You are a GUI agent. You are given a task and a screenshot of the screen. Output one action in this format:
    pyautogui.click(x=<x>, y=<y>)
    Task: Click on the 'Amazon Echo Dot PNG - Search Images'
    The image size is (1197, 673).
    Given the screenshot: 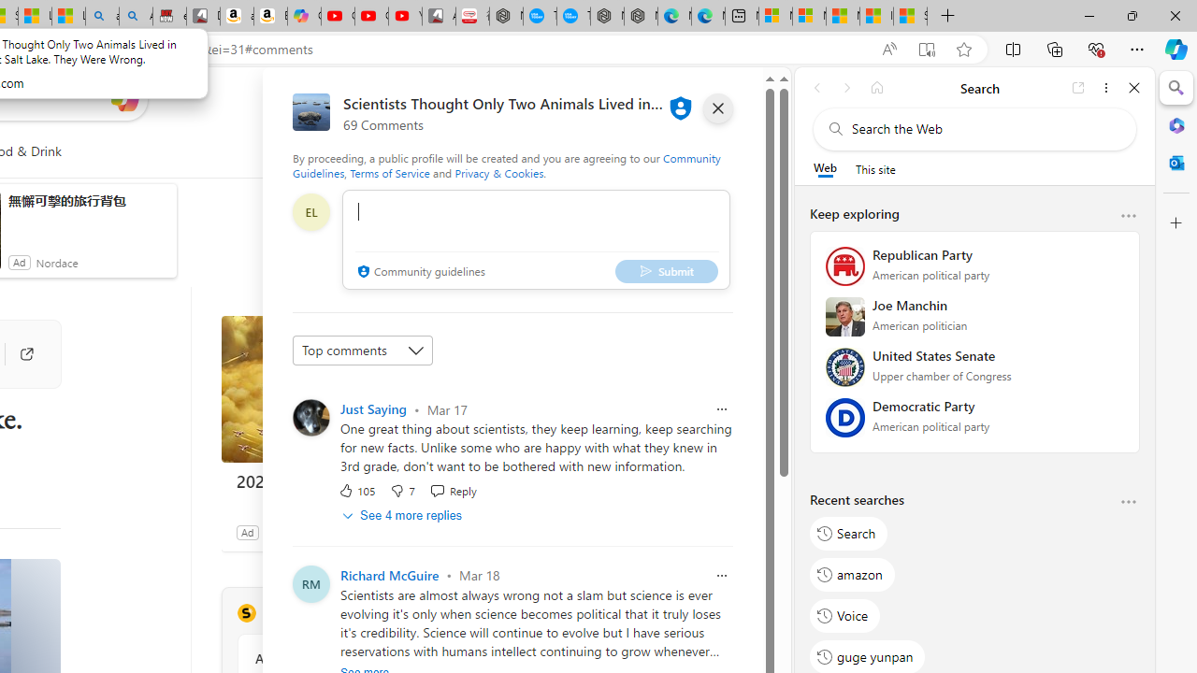 What is the action you would take?
    pyautogui.click(x=135, y=16)
    